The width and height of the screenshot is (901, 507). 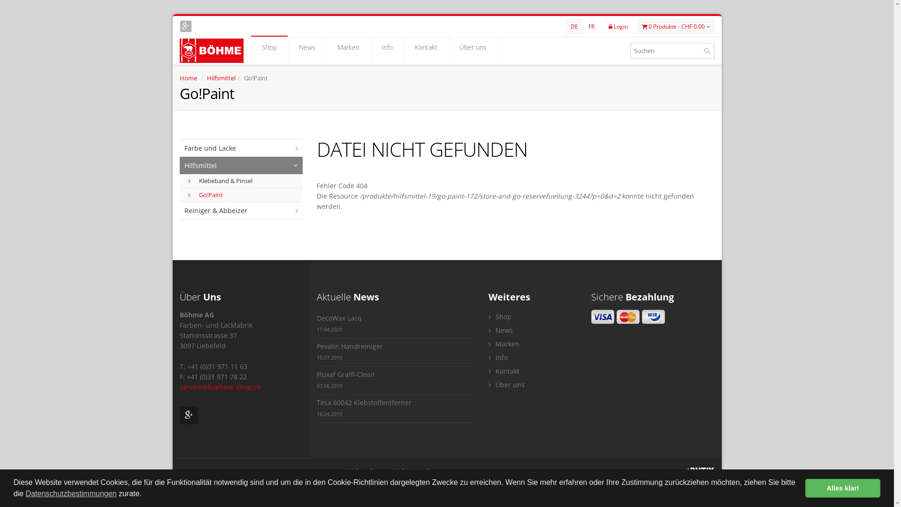 What do you see at coordinates (396, 352) in the screenshot?
I see `'Pevalin Handreiniger` at bounding box center [396, 352].